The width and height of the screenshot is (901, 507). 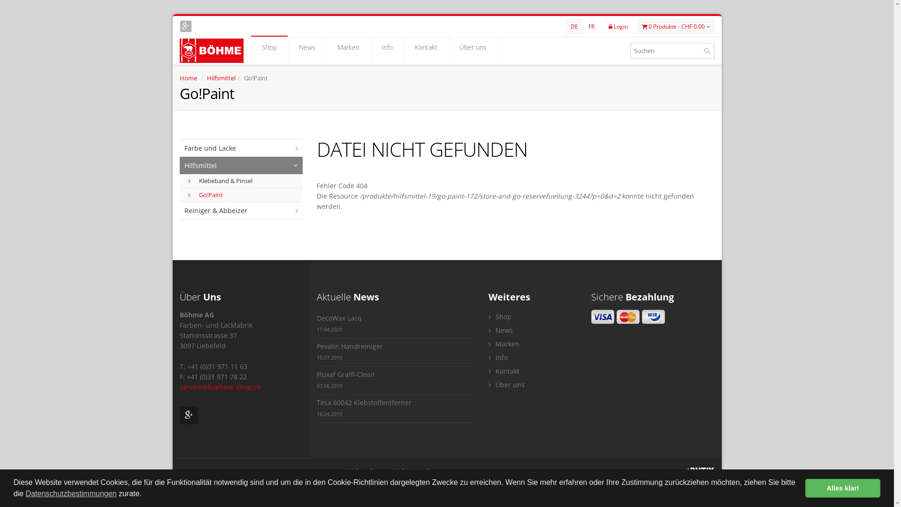 What do you see at coordinates (396, 352) in the screenshot?
I see `'Pevalin Handreiniger` at bounding box center [396, 352].